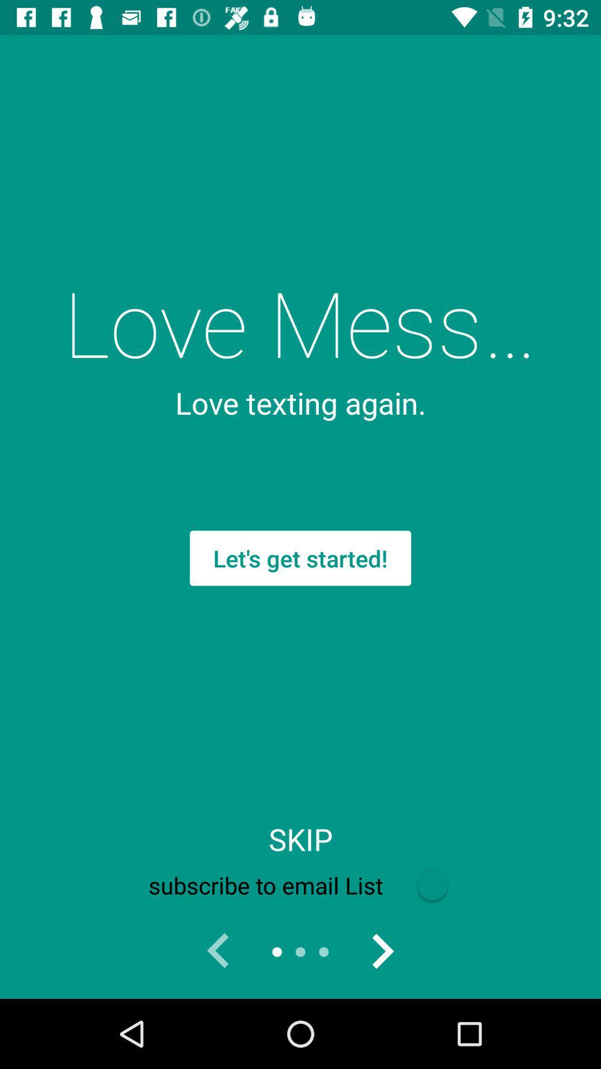 The width and height of the screenshot is (601, 1069). Describe the element at coordinates (219, 951) in the screenshot. I see `the item below subscribe to email` at that location.